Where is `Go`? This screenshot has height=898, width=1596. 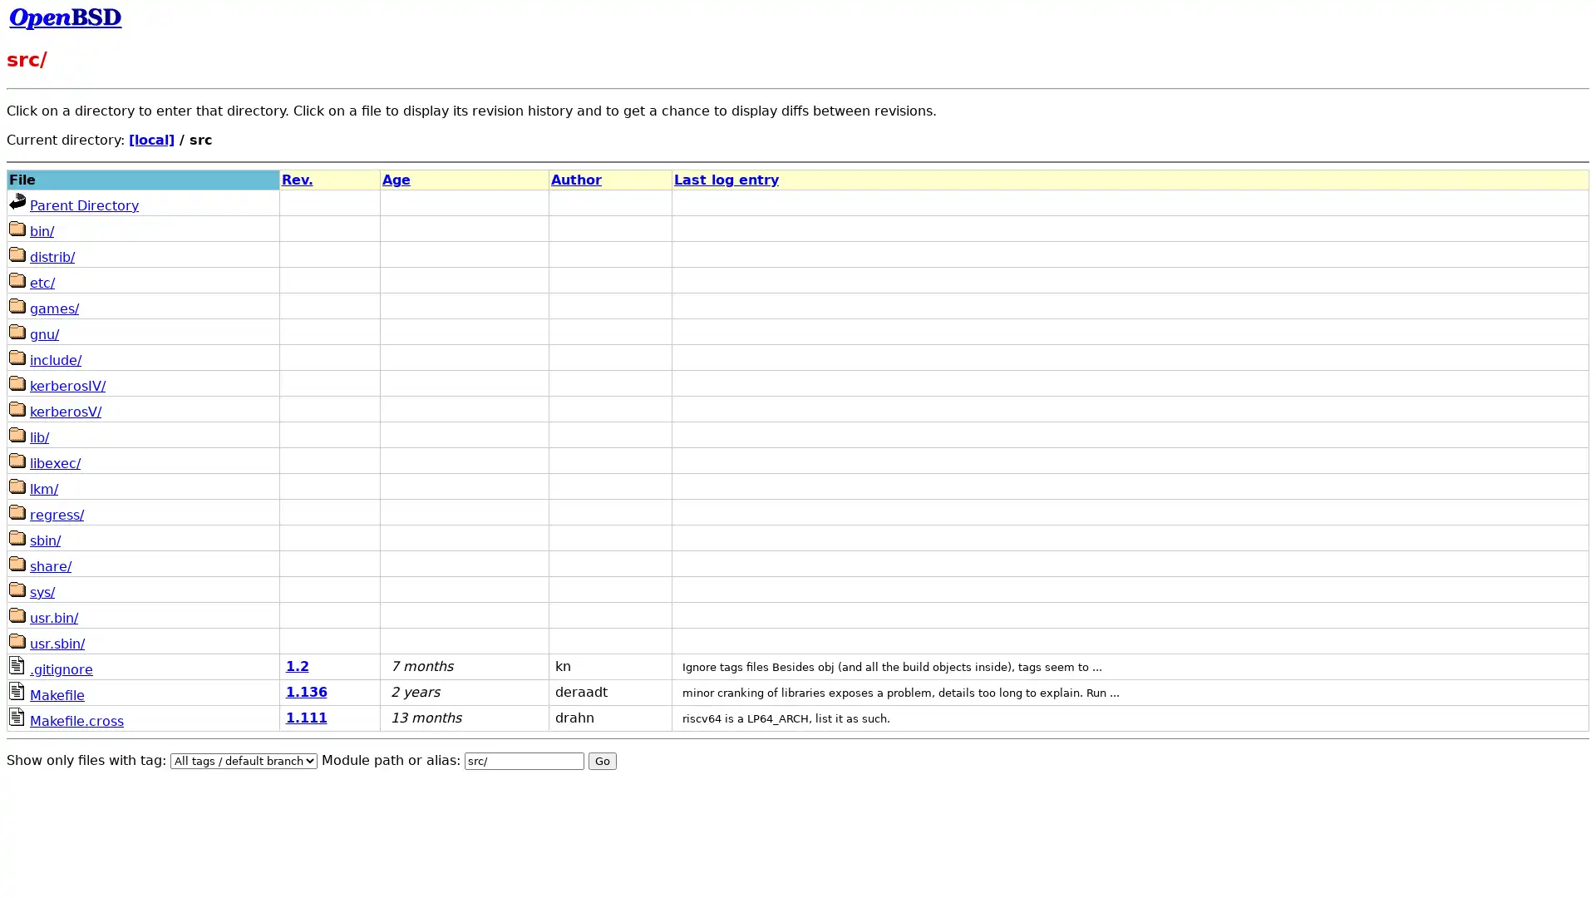 Go is located at coordinates (601, 760).